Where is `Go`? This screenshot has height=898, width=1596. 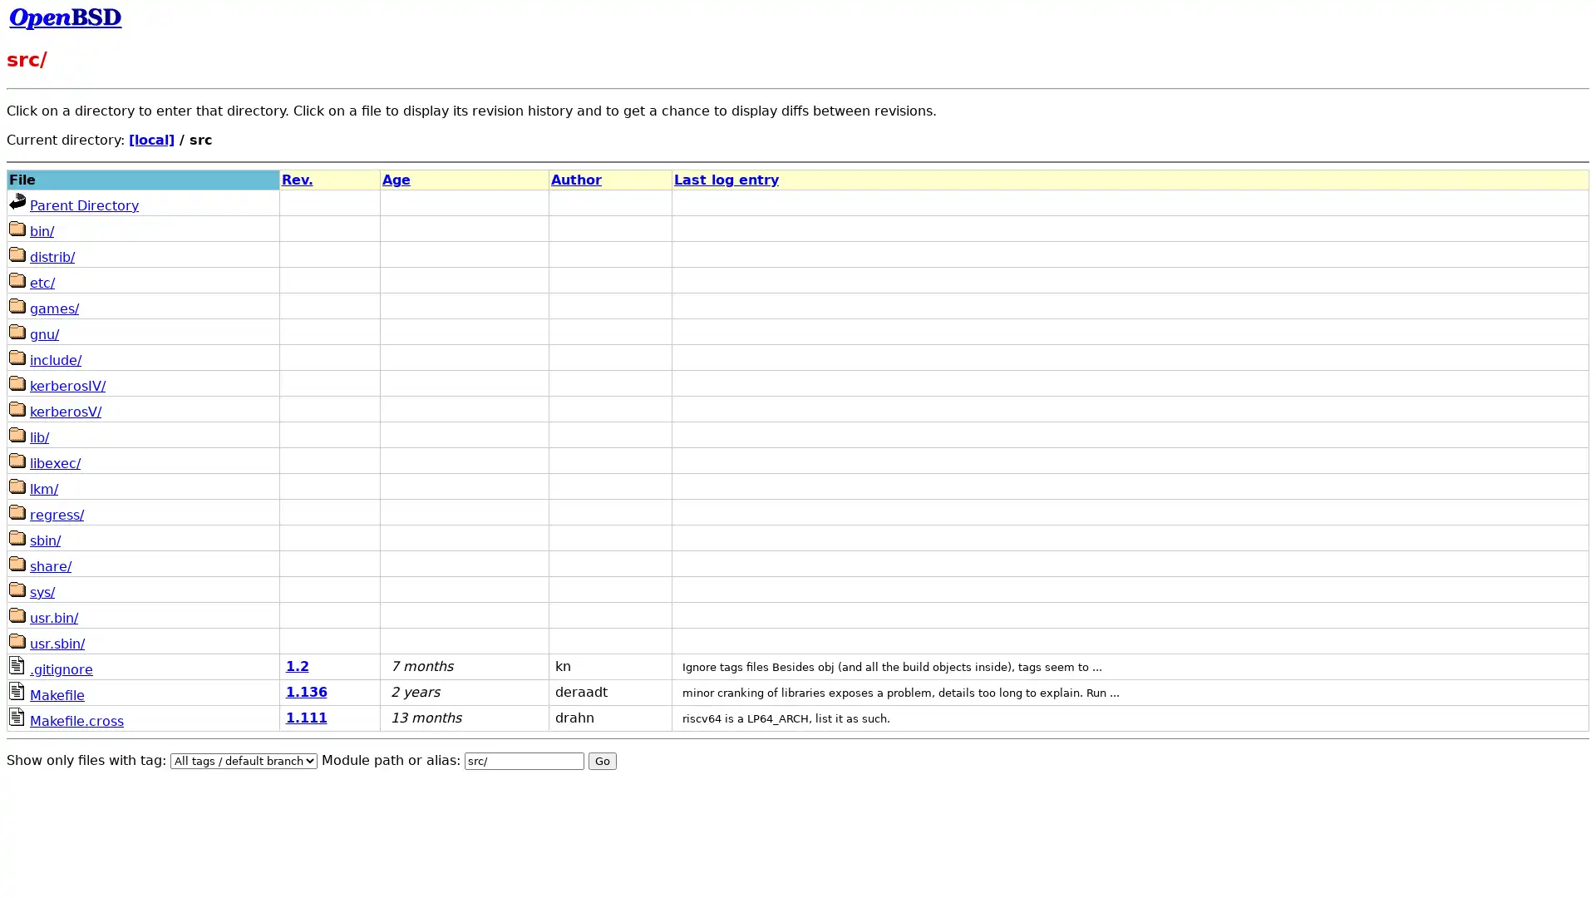 Go is located at coordinates (601, 760).